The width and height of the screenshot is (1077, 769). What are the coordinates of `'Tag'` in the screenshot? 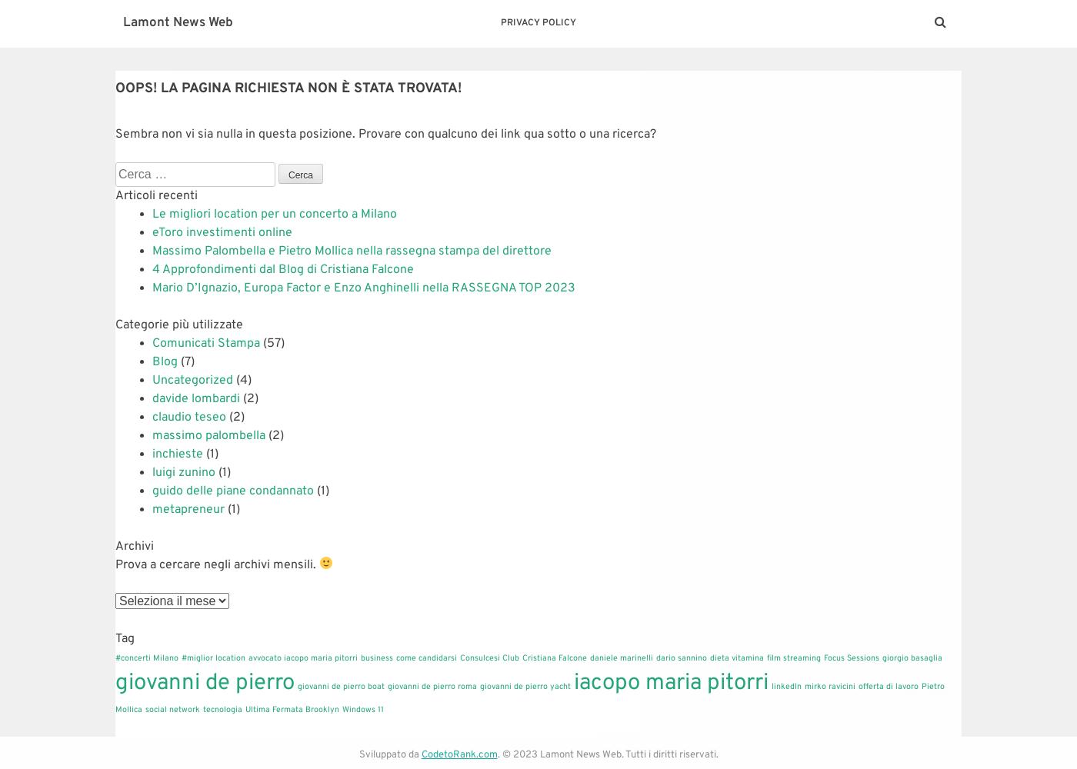 It's located at (115, 638).